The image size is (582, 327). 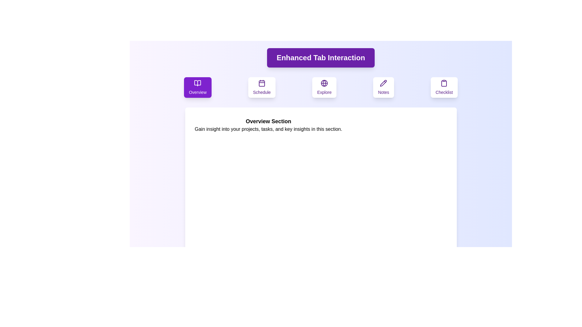 What do you see at coordinates (383, 83) in the screenshot?
I see `the context associated with the purple pencil icon within the 'Notes' button located` at bounding box center [383, 83].